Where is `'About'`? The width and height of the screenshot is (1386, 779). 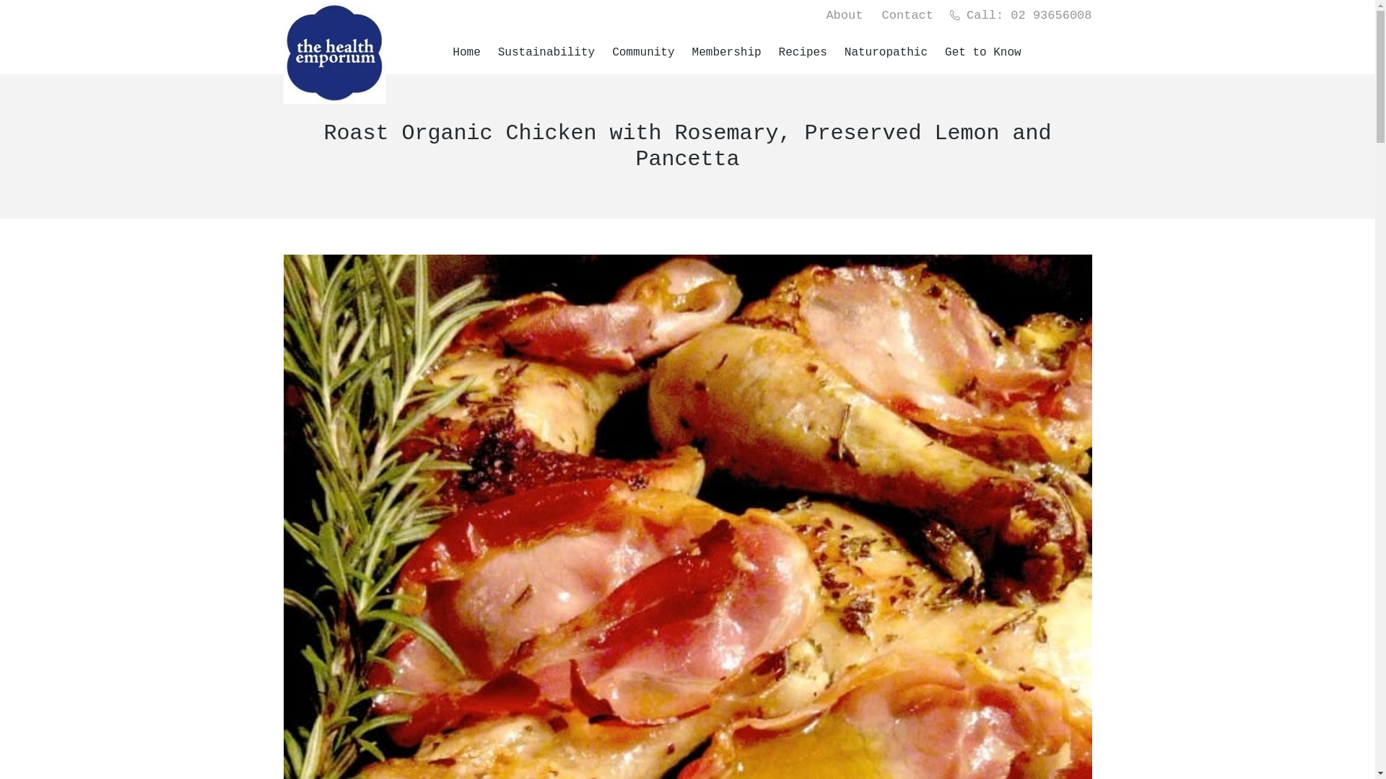
'About' is located at coordinates (825, 15).